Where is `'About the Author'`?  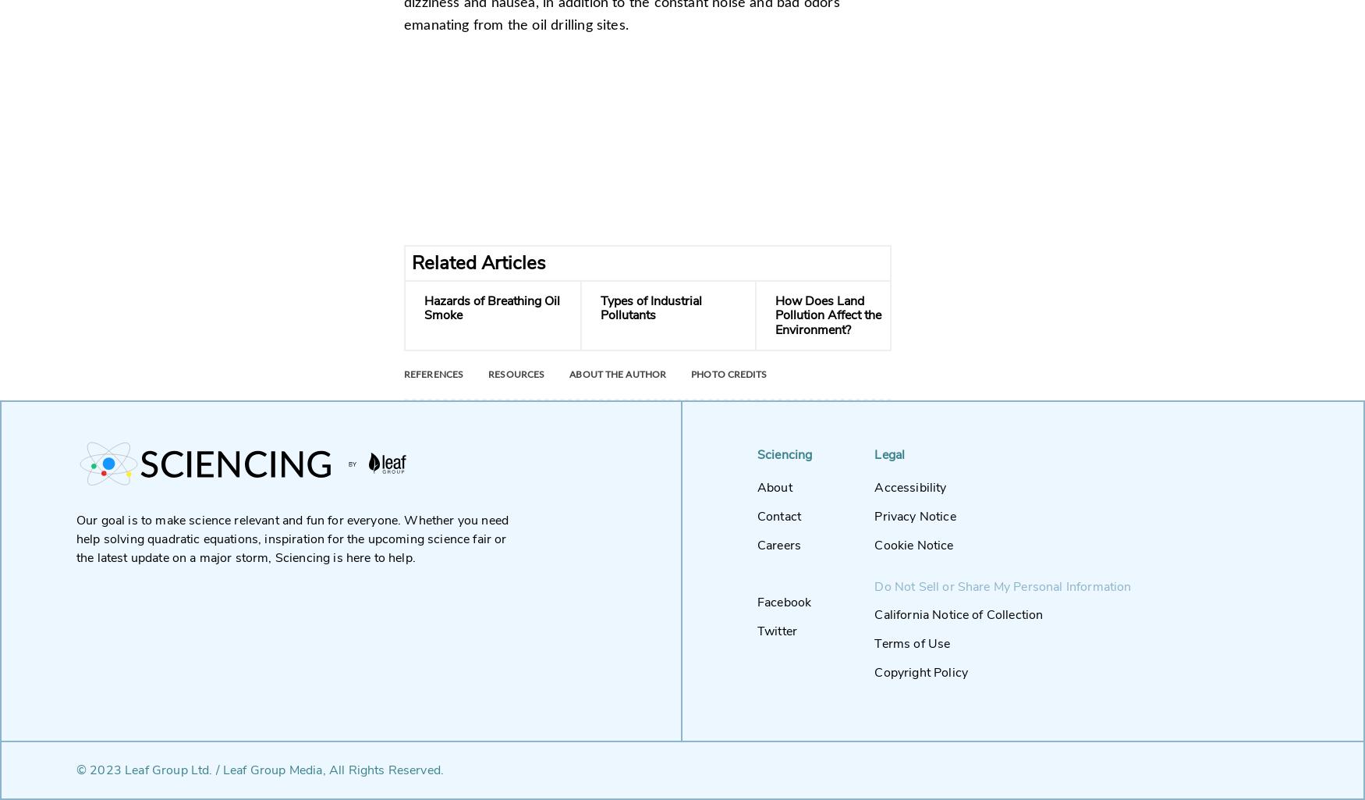
'About the Author' is located at coordinates (617, 375).